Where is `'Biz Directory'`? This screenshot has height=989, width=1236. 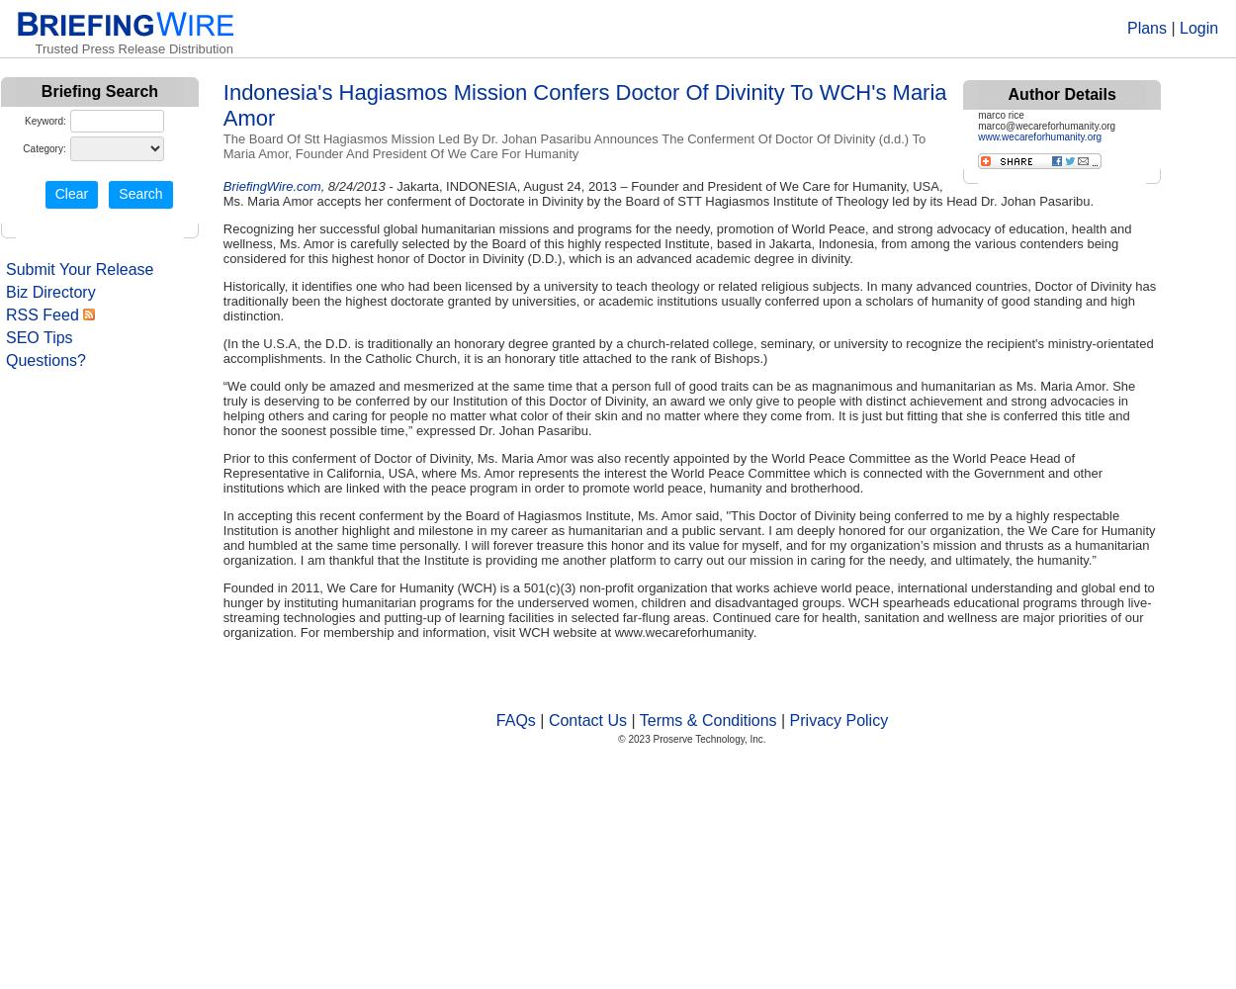 'Biz Directory' is located at coordinates (50, 292).